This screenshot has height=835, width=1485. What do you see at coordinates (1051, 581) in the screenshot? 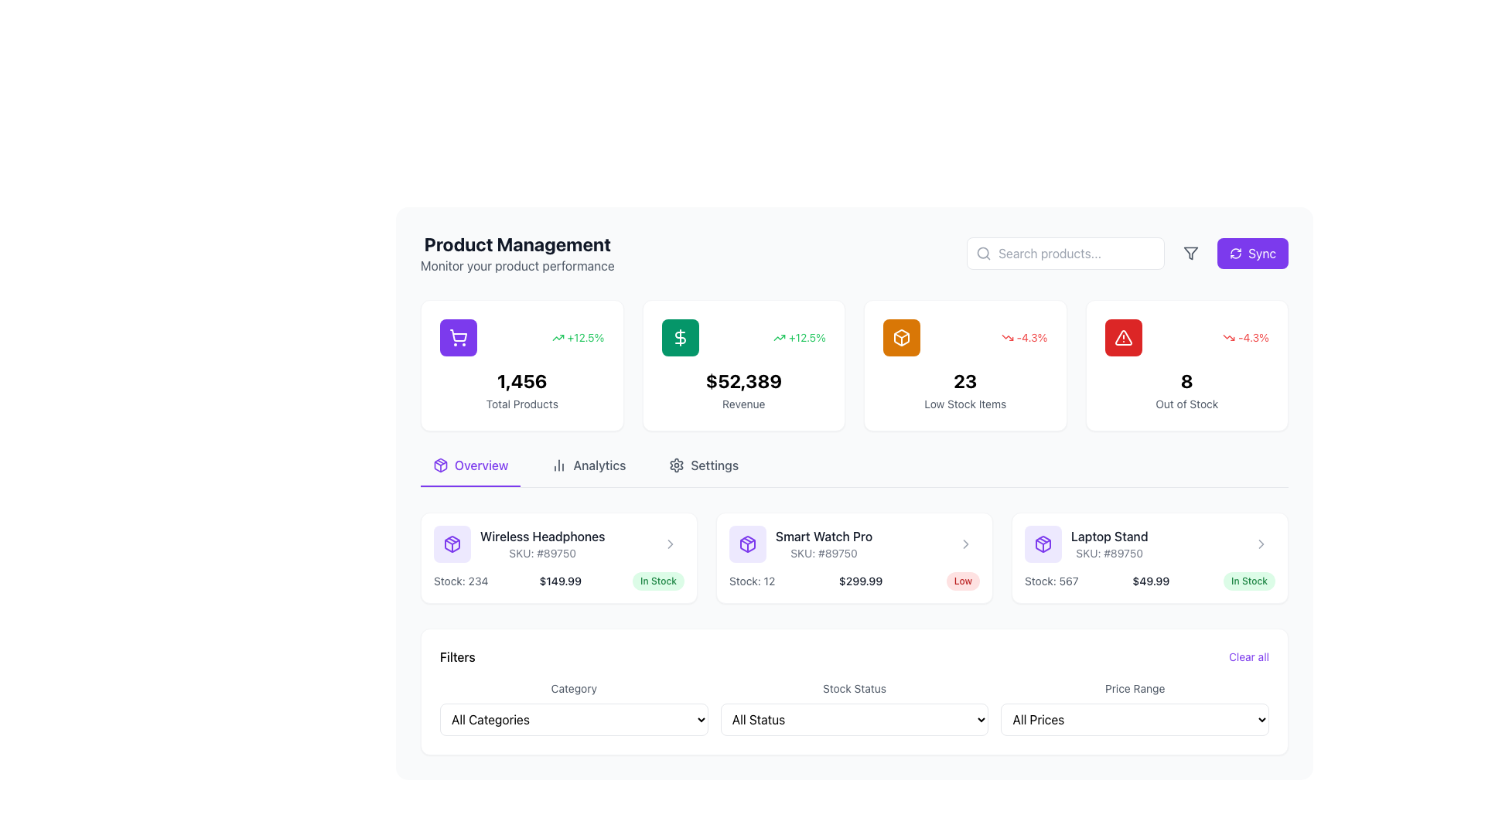
I see `stock quantity displayed in the static text element for the 'Laptop Stand' product, located at the bottom section of the interface, preceding the price and the 'In Stock' badge` at bounding box center [1051, 581].